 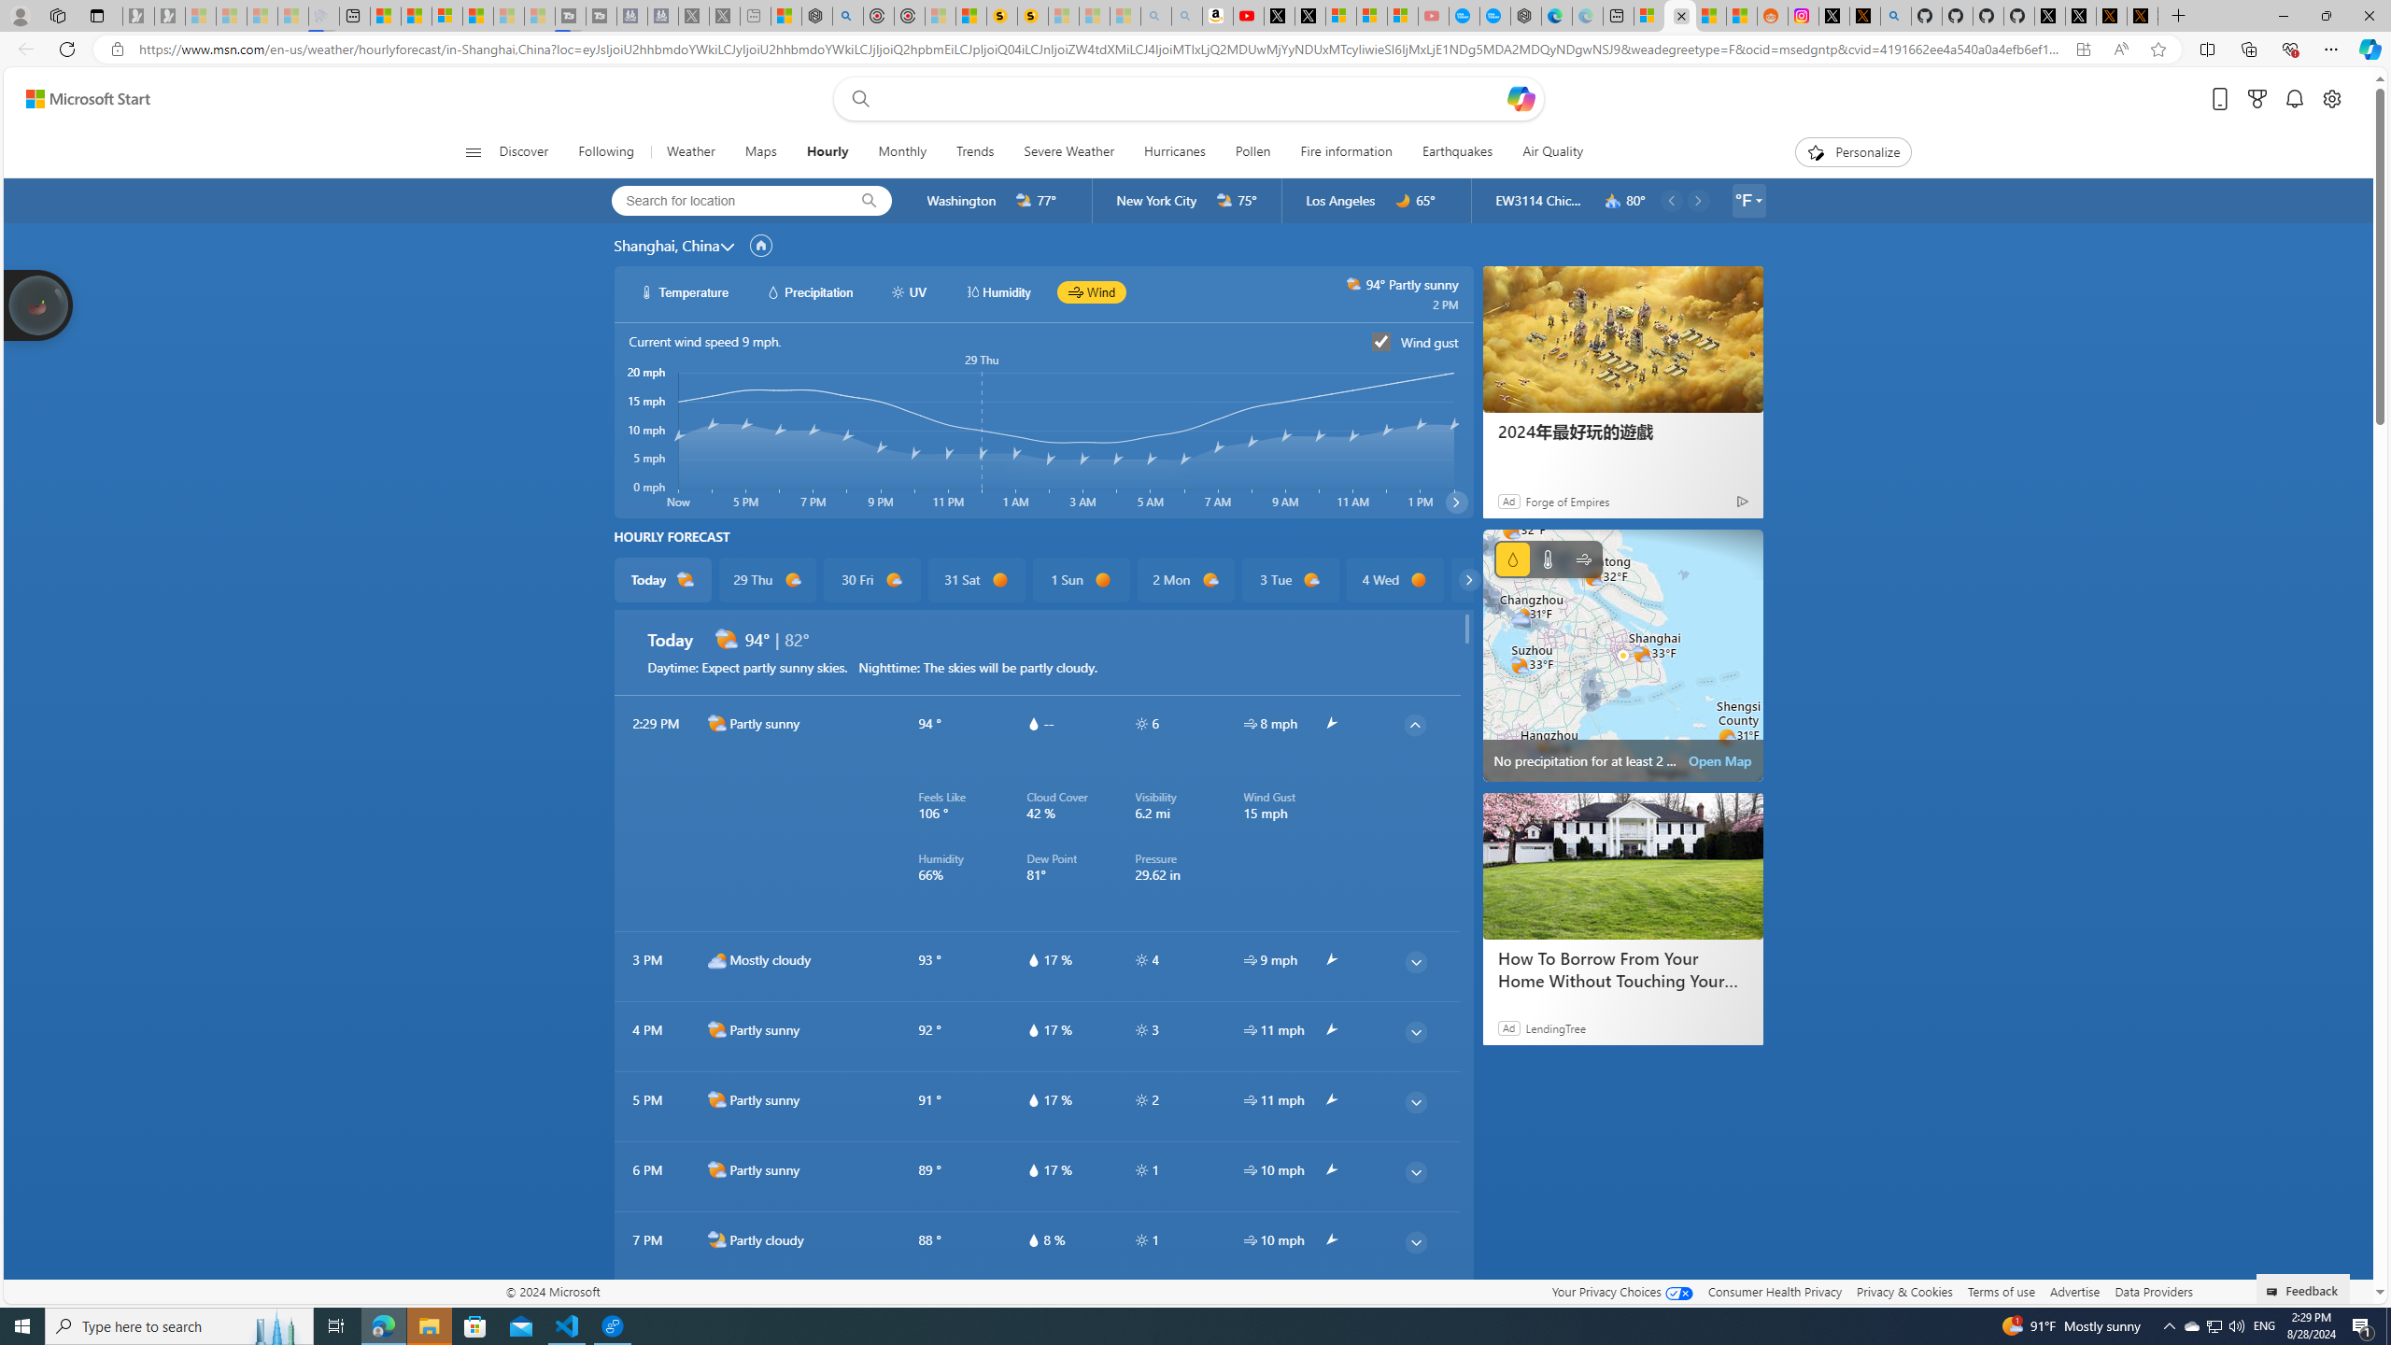 What do you see at coordinates (2331, 99) in the screenshot?
I see `'Open settings'` at bounding box center [2331, 99].